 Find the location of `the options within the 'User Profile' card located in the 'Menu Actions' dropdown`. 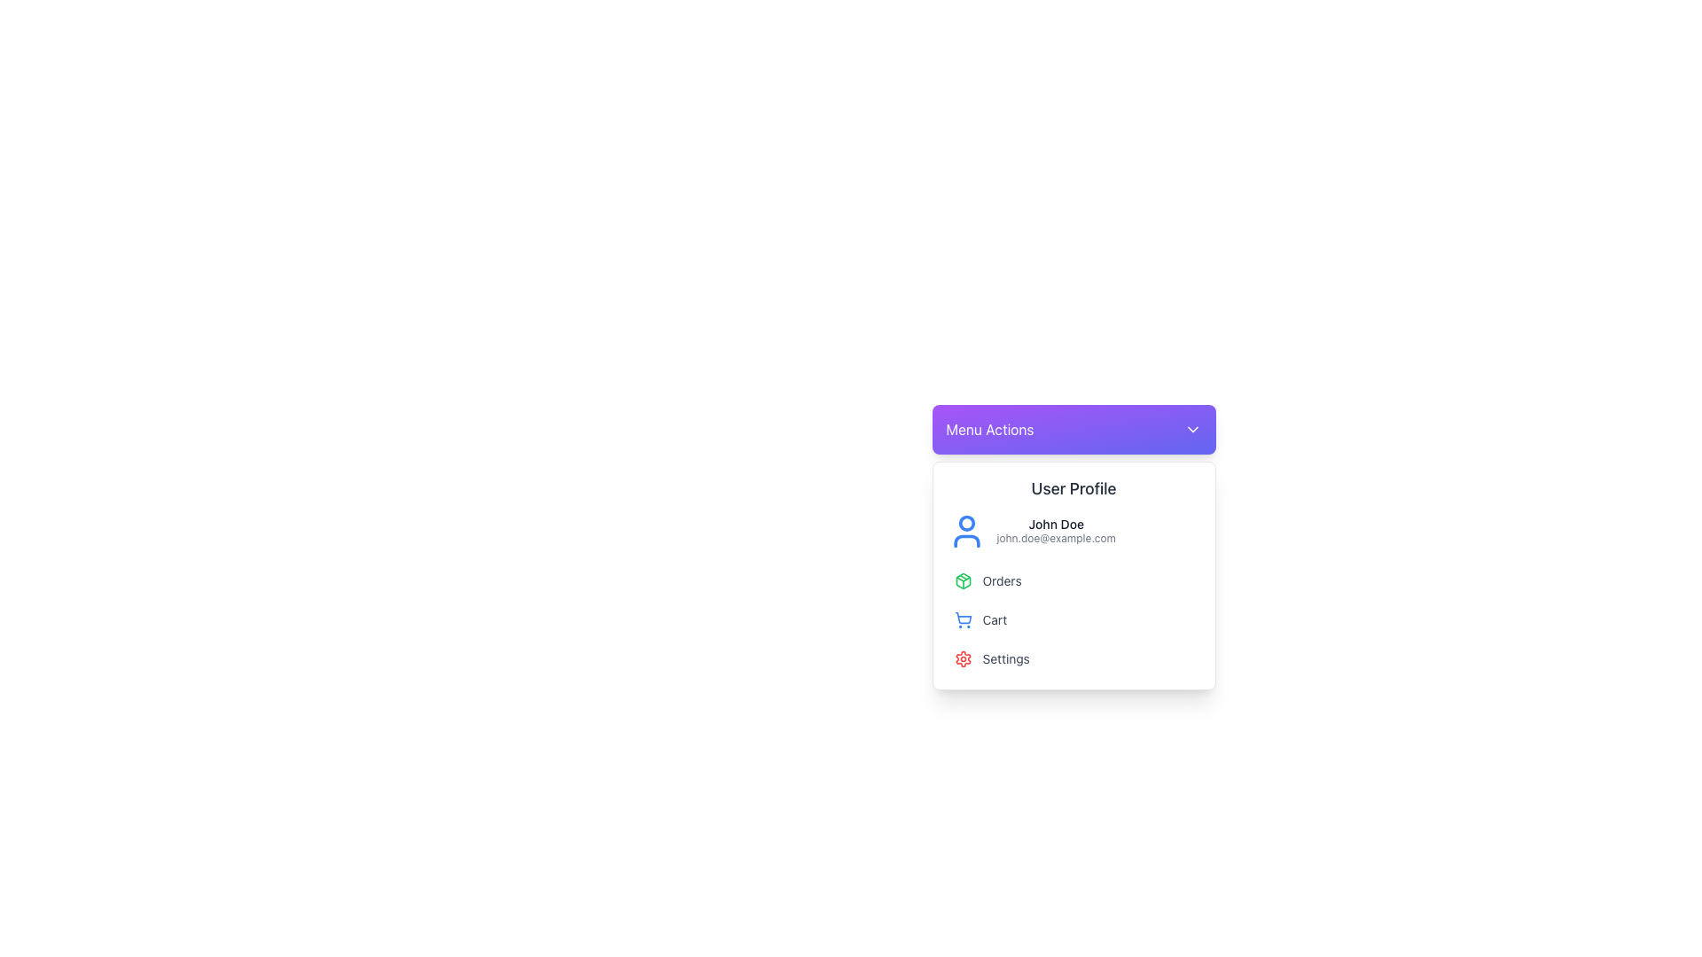

the options within the 'User Profile' card located in the 'Menu Actions' dropdown is located at coordinates (1073, 576).